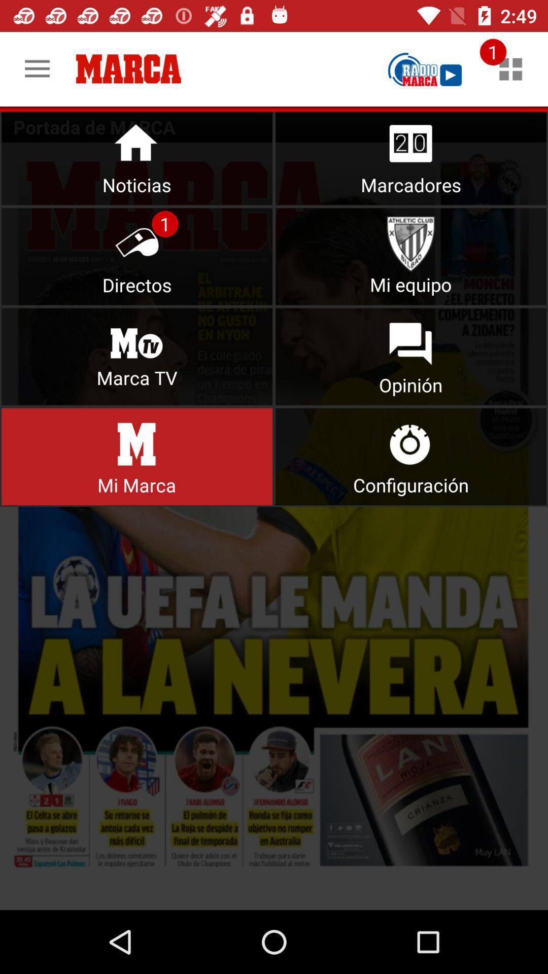  I want to click on options from menu, so click(274, 526).